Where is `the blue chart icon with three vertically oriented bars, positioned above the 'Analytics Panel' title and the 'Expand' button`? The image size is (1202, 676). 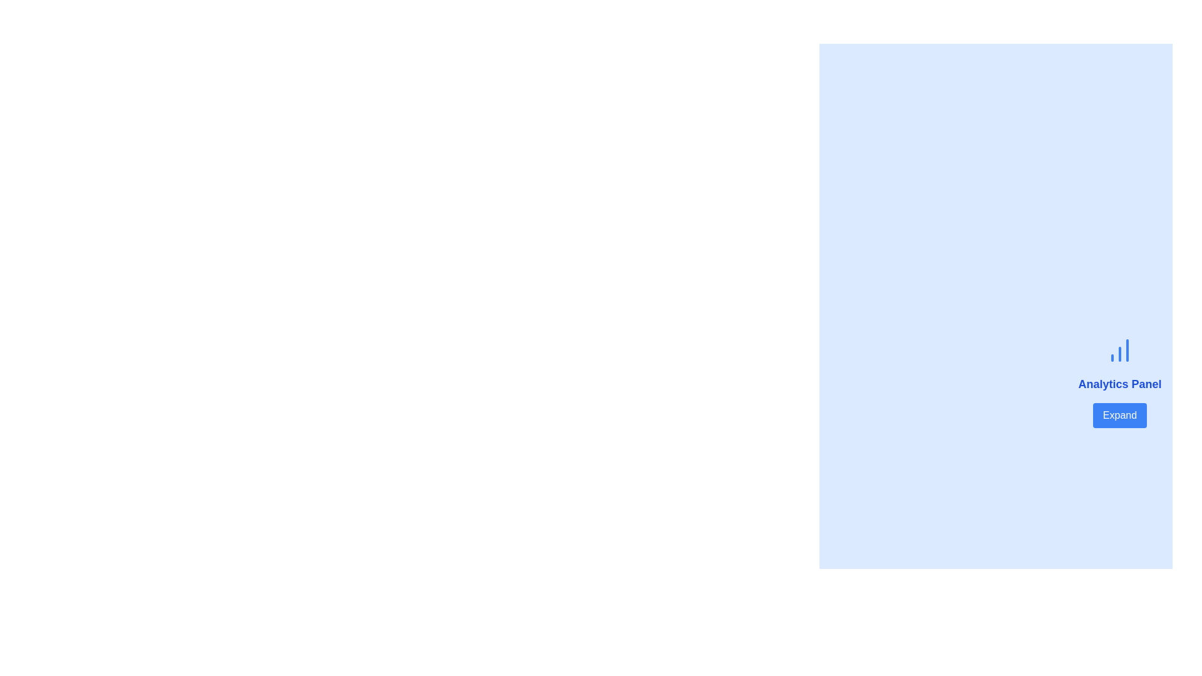 the blue chart icon with three vertically oriented bars, positioned above the 'Analytics Panel' title and the 'Expand' button is located at coordinates (1120, 350).